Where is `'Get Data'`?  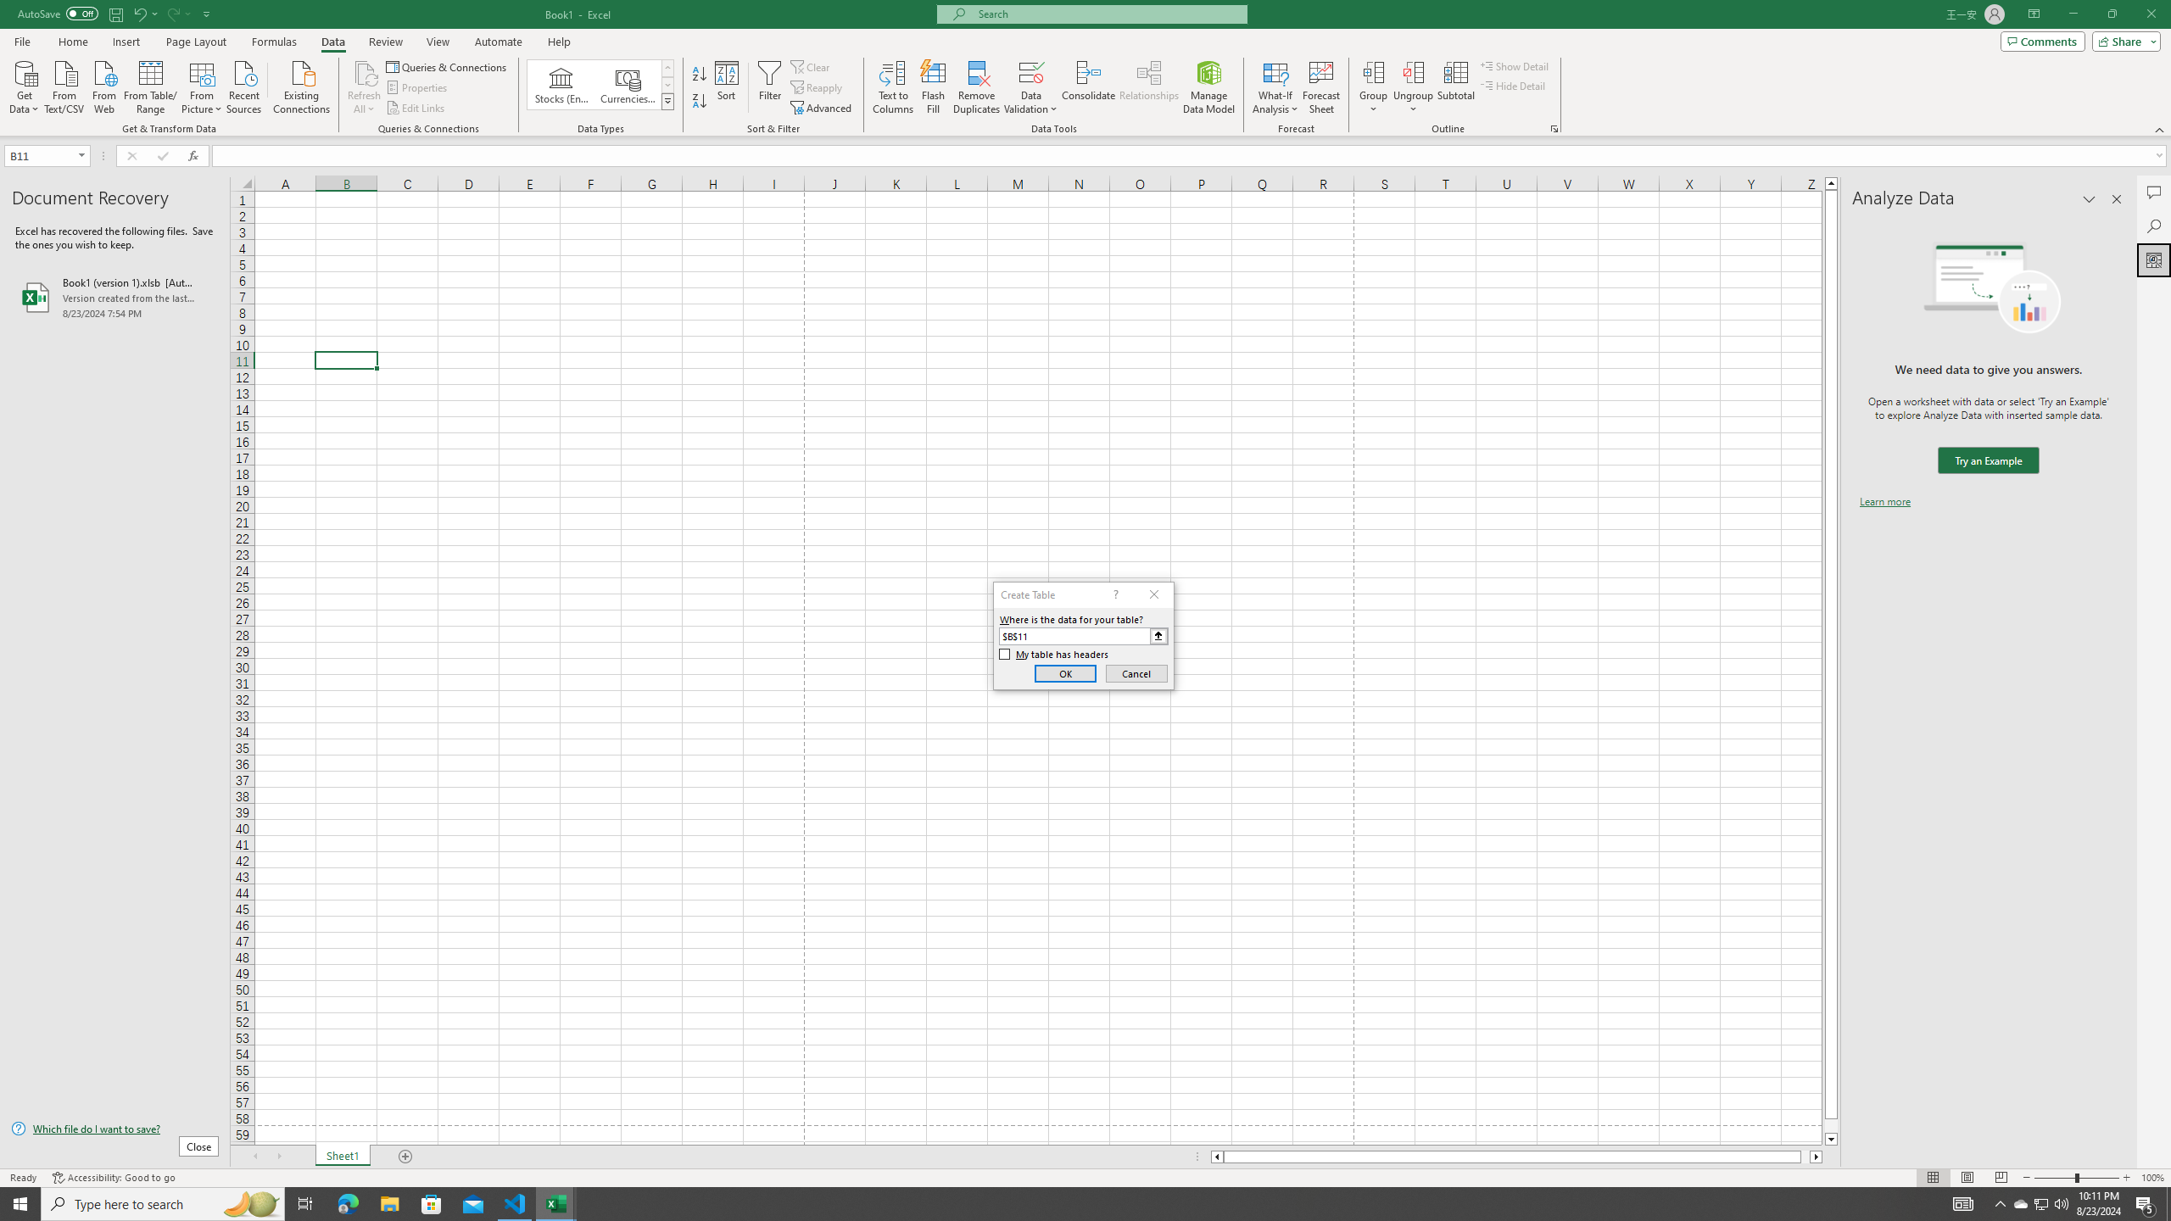 'Get Data' is located at coordinates (24, 85).